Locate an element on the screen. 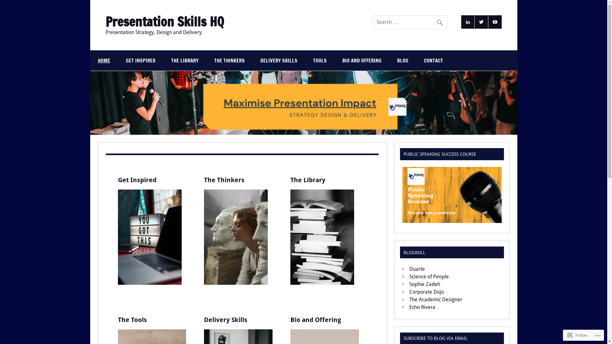 The height and width of the screenshot is (344, 612). 'THE LIBRARY' is located at coordinates (163, 60).